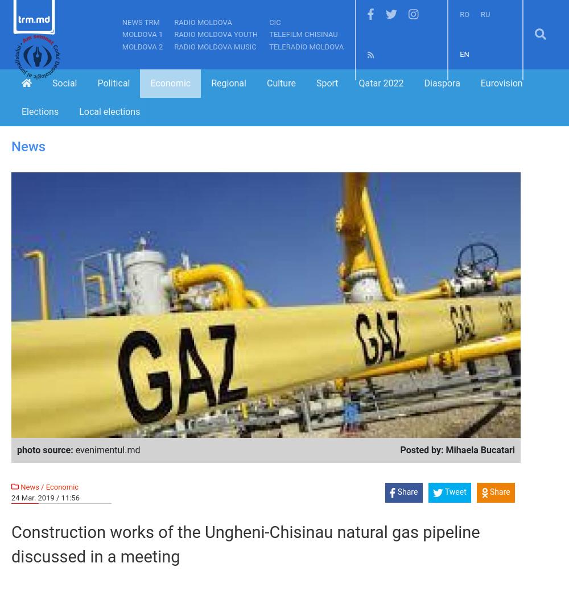  What do you see at coordinates (48, 486) in the screenshot?
I see `'News / Economic'` at bounding box center [48, 486].